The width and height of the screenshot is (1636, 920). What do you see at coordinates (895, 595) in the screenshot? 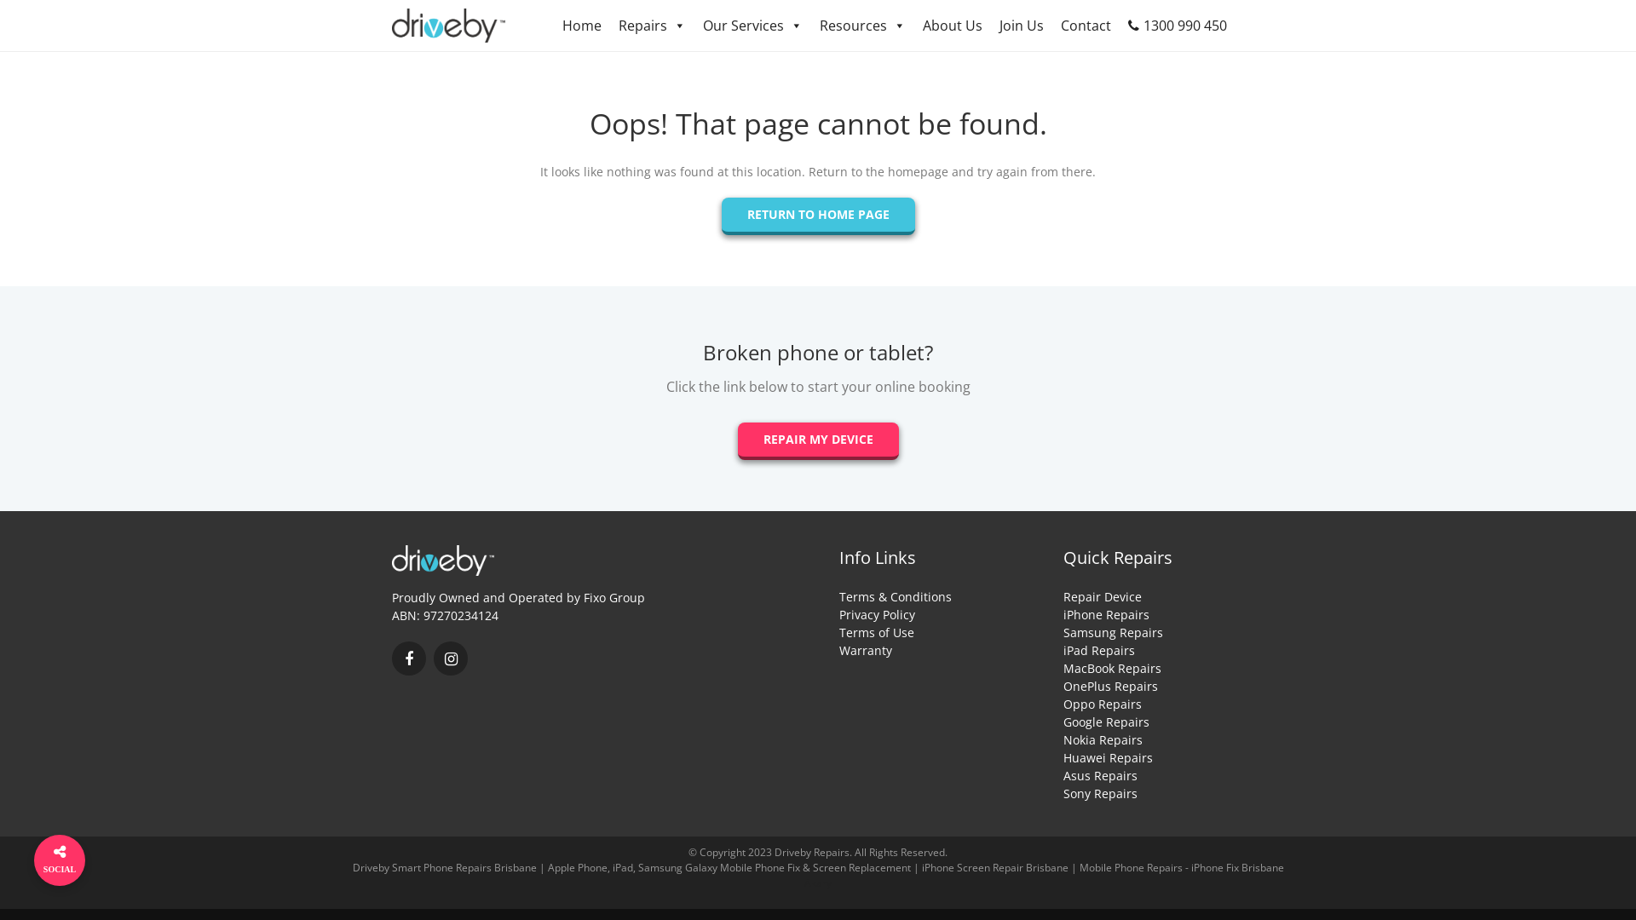
I see `'Terms & Conditions'` at bounding box center [895, 595].